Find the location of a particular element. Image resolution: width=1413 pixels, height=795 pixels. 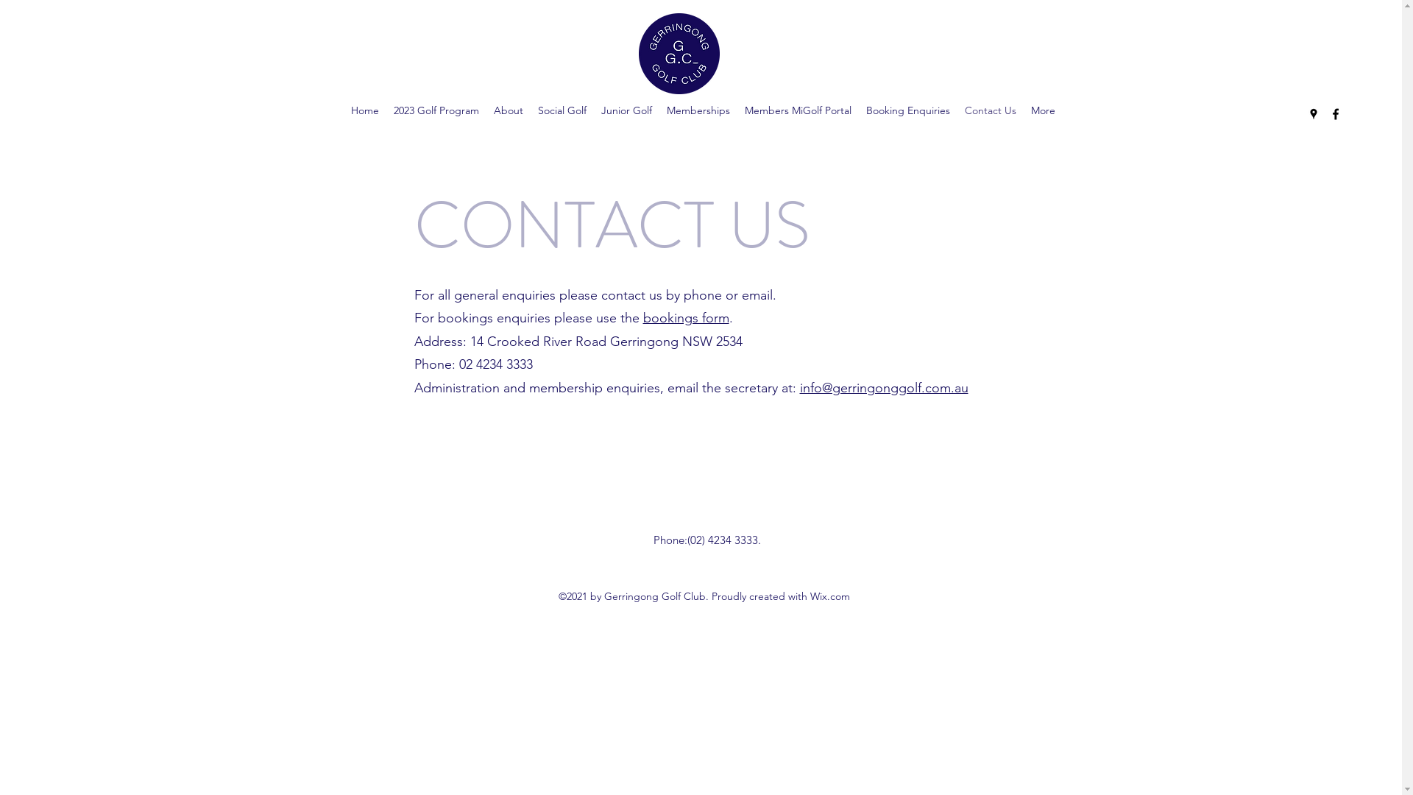

'Members MiGolf Portal' is located at coordinates (797, 110).